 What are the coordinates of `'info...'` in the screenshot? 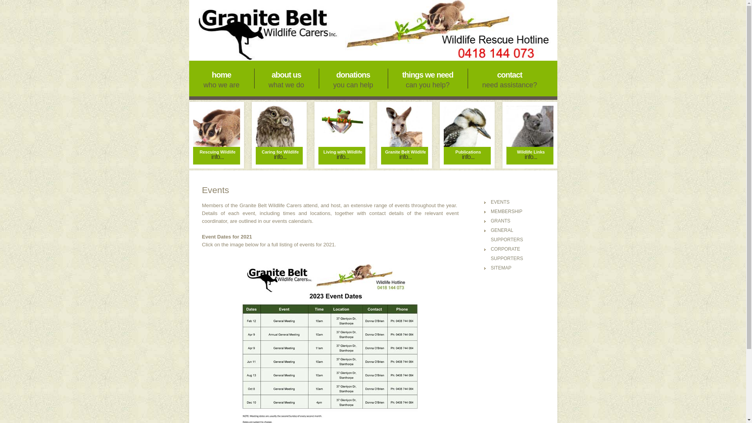 It's located at (284, 157).